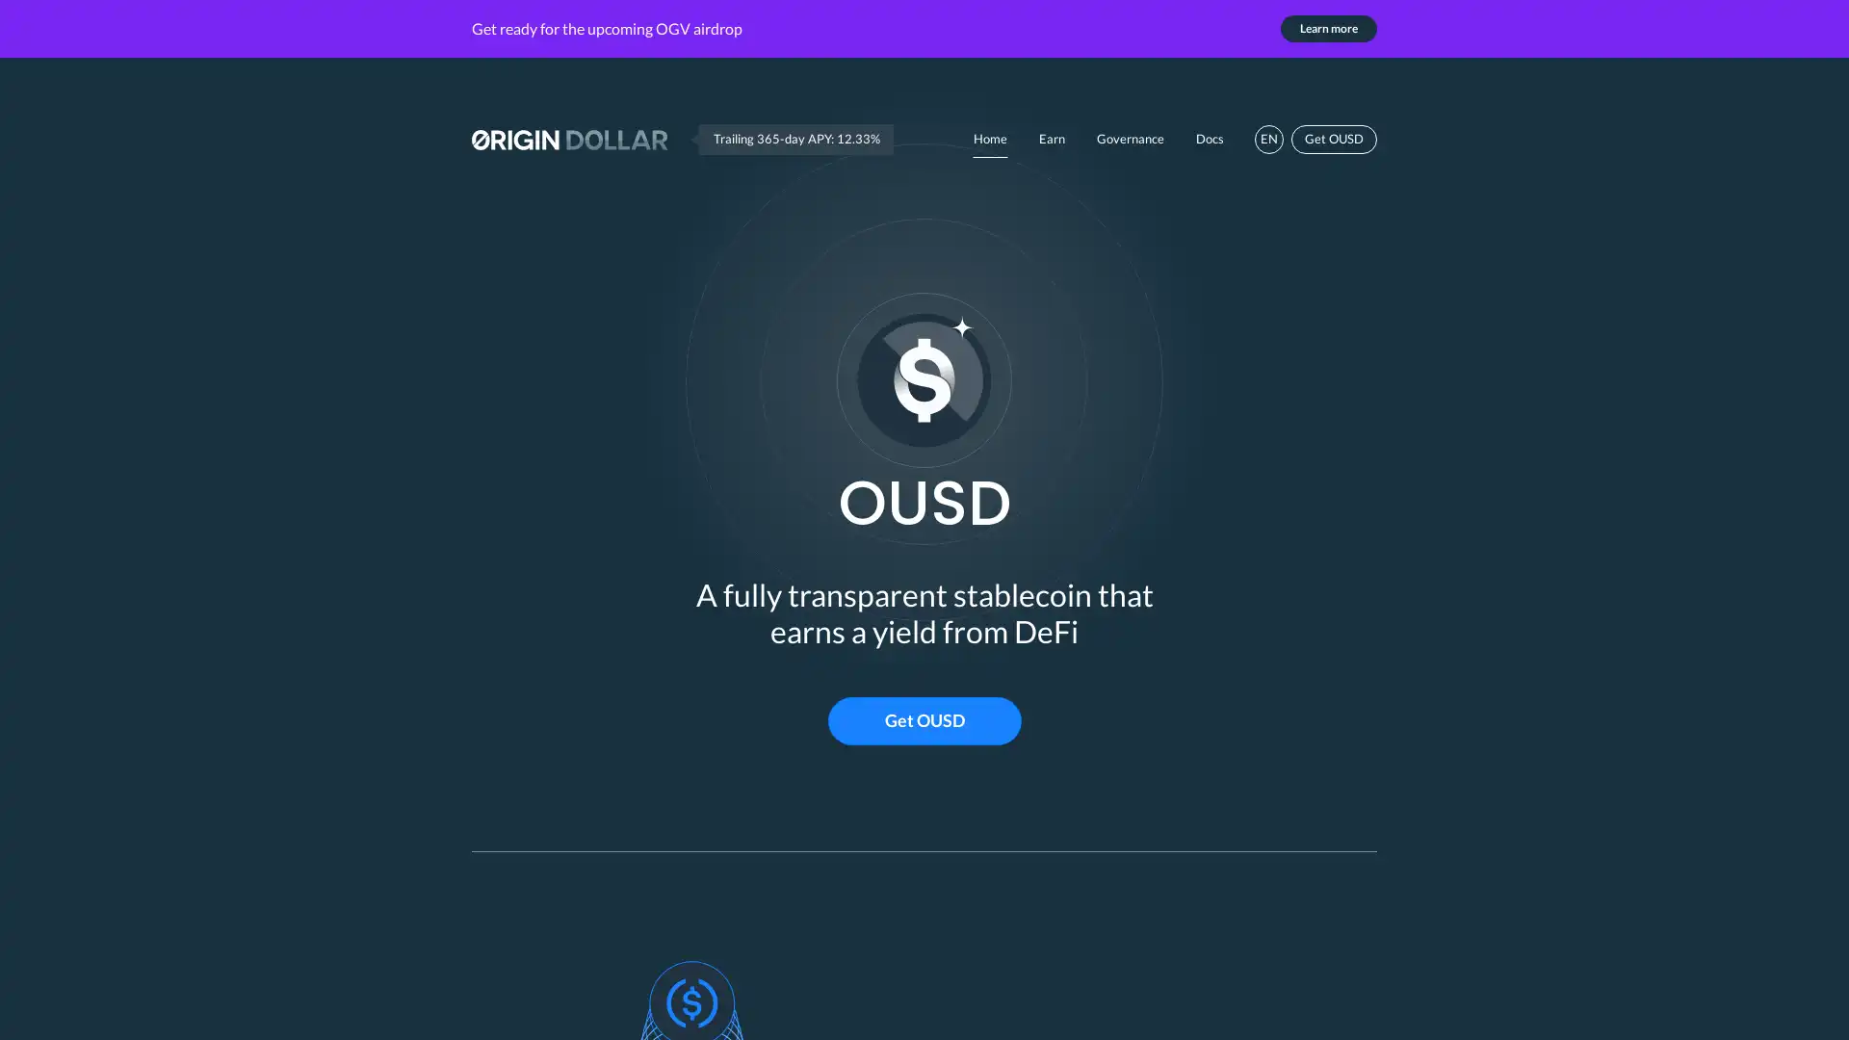 This screenshot has width=1849, height=1040. I want to click on Get OUSD, so click(1333, 138).